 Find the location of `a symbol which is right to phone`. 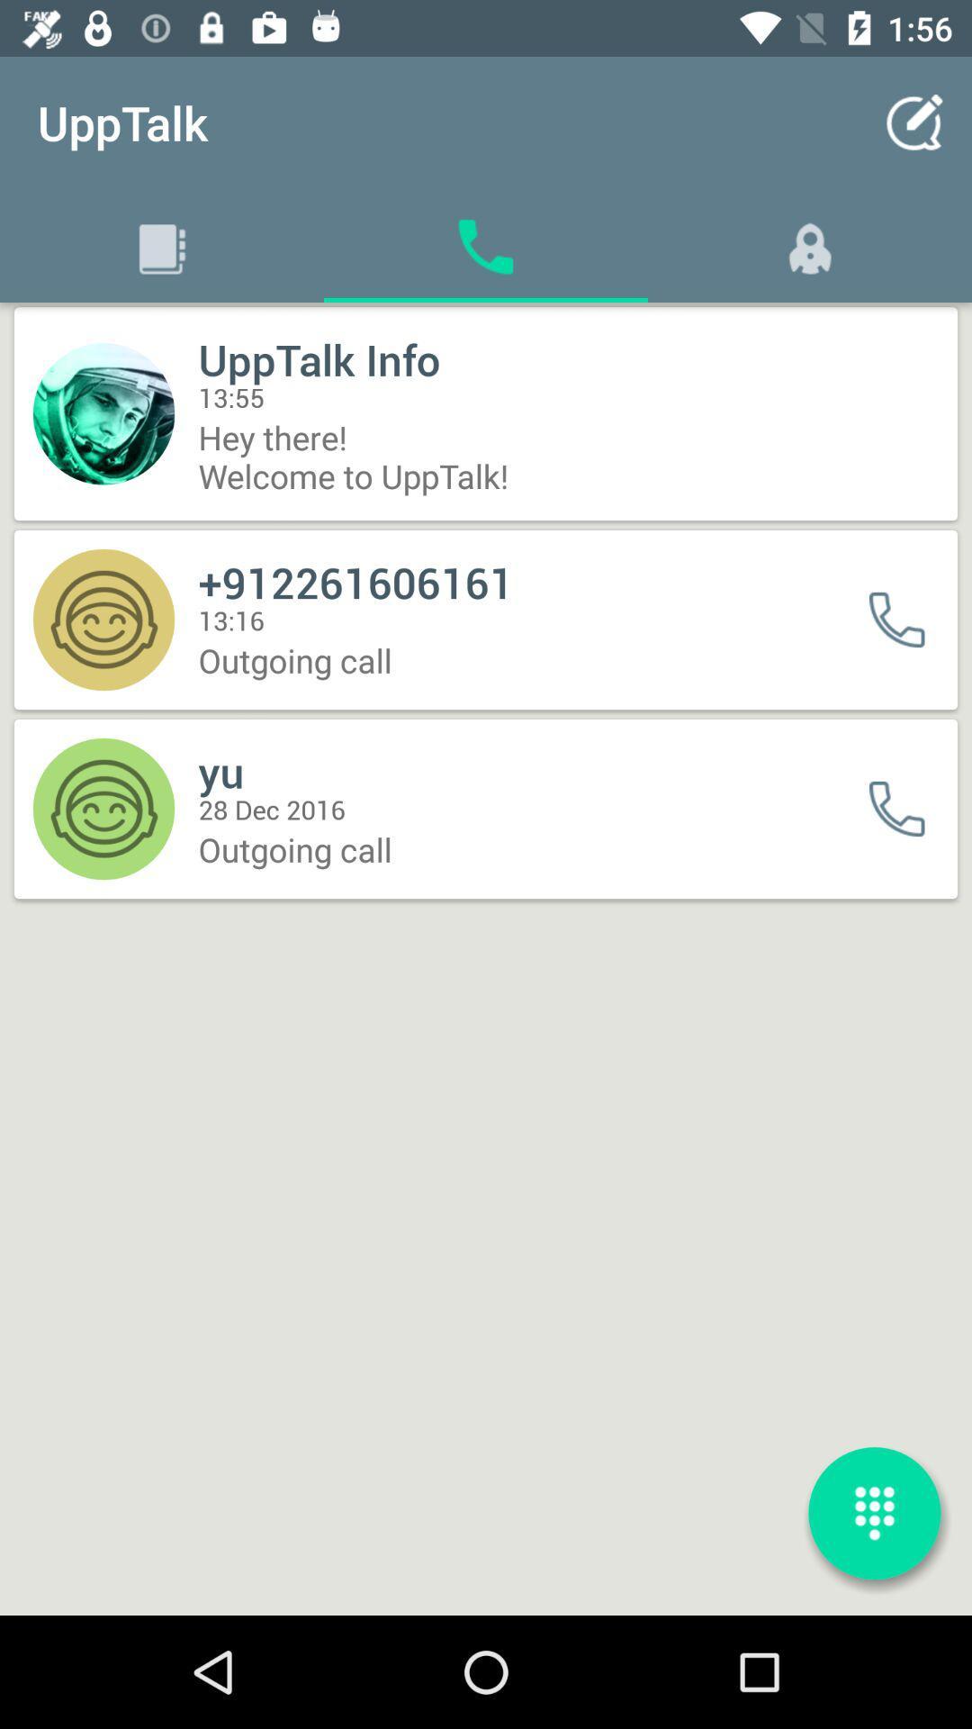

a symbol which is right to phone is located at coordinates (810, 245).